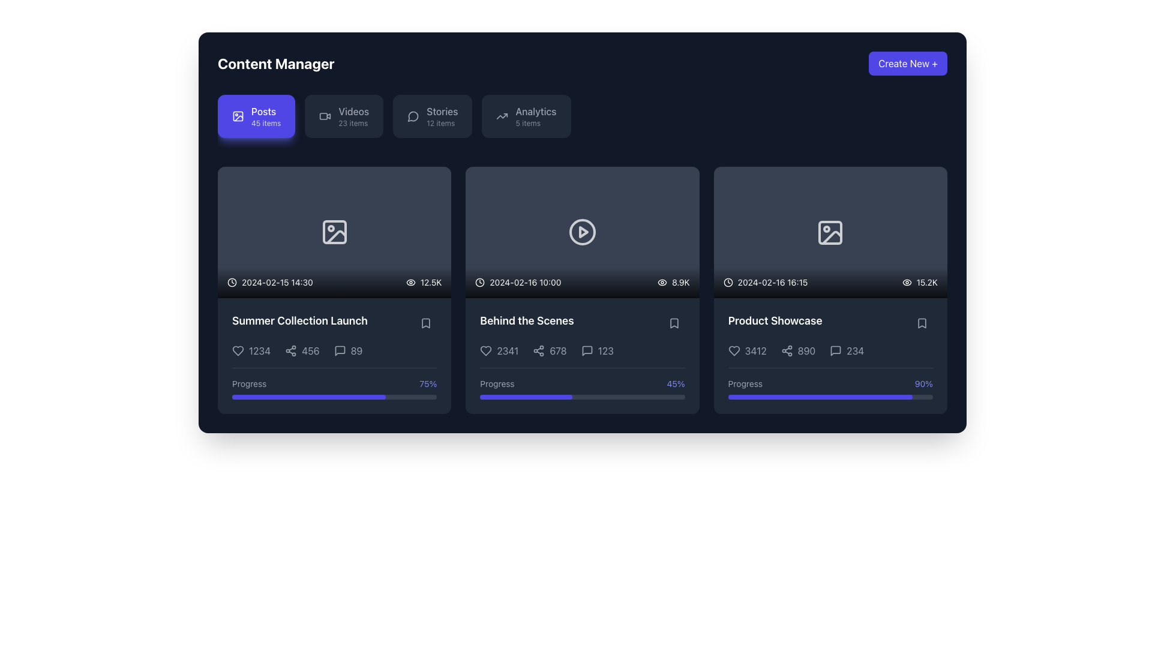 The image size is (1152, 648). I want to click on the first button in the header section of the content management interface, so click(256, 116).